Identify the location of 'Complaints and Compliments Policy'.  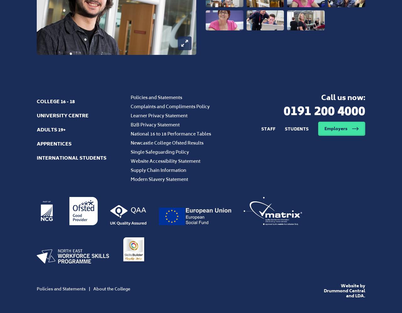
(170, 106).